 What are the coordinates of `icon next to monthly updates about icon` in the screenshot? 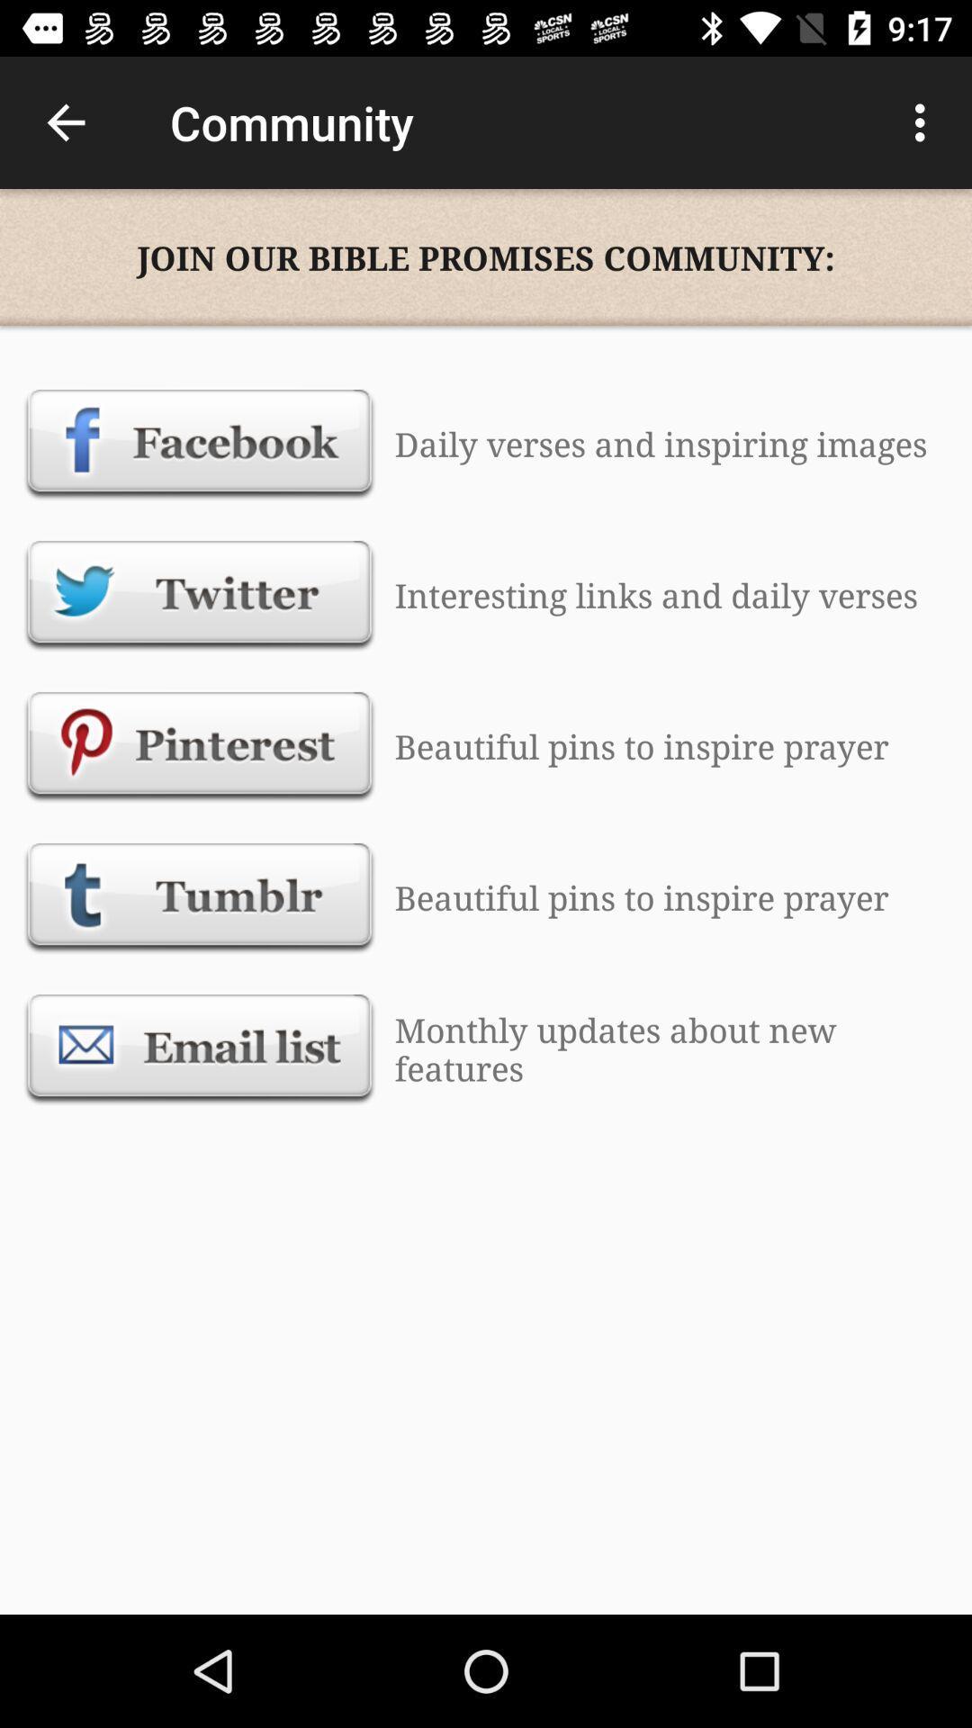 It's located at (200, 1048).